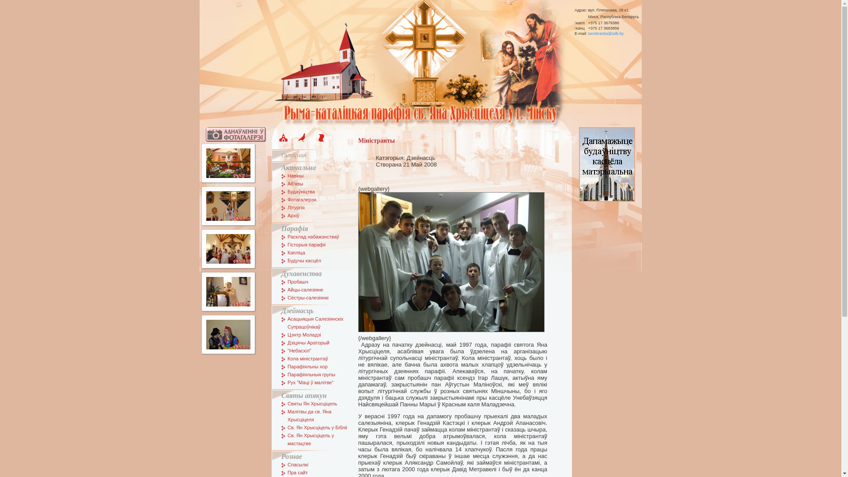 The width and height of the screenshot is (848, 477). What do you see at coordinates (605, 34) in the screenshot?
I see `'serebranka@sdb.by'` at bounding box center [605, 34].